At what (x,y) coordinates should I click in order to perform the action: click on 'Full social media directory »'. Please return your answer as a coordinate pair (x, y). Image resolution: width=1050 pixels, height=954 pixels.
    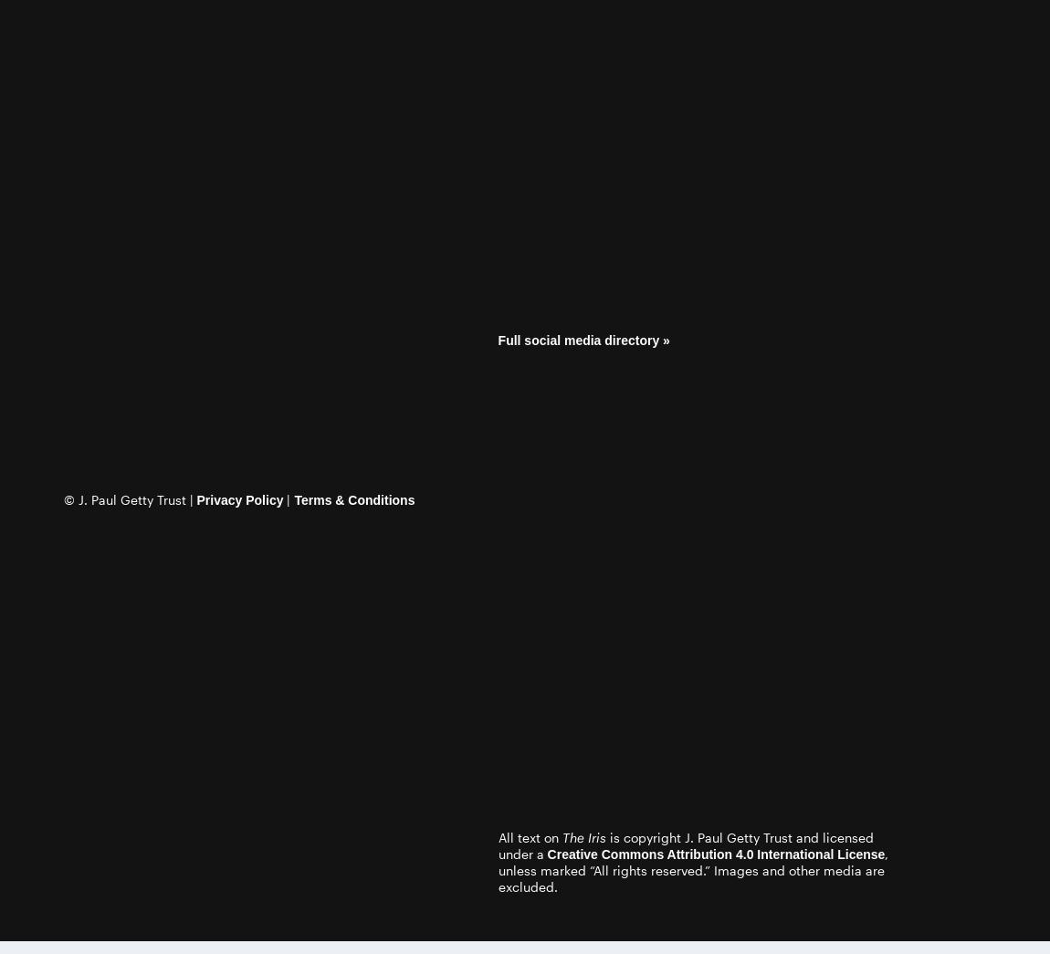
    Looking at the image, I should click on (583, 339).